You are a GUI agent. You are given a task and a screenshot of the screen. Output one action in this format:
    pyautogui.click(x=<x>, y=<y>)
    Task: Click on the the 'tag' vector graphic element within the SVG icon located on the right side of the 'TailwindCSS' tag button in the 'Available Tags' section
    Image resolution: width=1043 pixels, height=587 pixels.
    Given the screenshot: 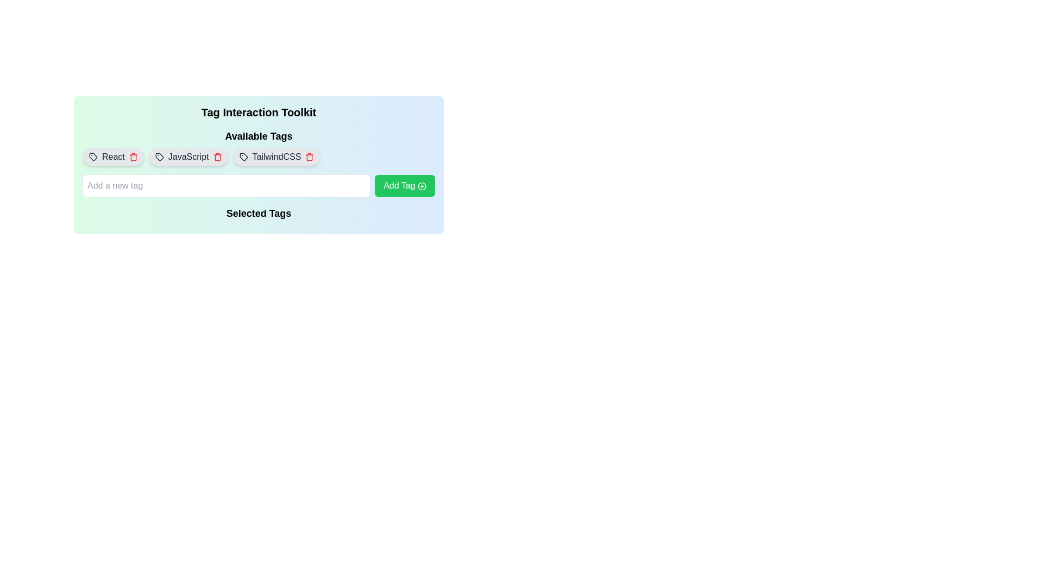 What is the action you would take?
    pyautogui.click(x=243, y=157)
    